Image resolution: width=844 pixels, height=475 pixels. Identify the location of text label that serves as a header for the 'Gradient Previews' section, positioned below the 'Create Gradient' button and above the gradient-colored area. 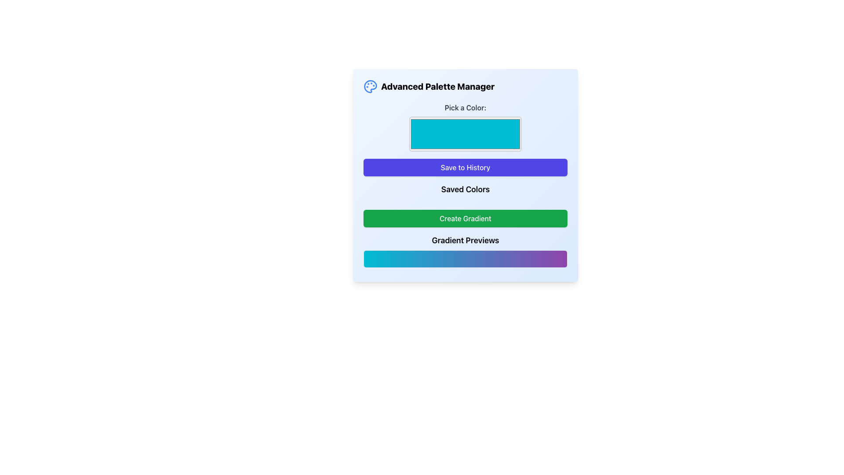
(465, 241).